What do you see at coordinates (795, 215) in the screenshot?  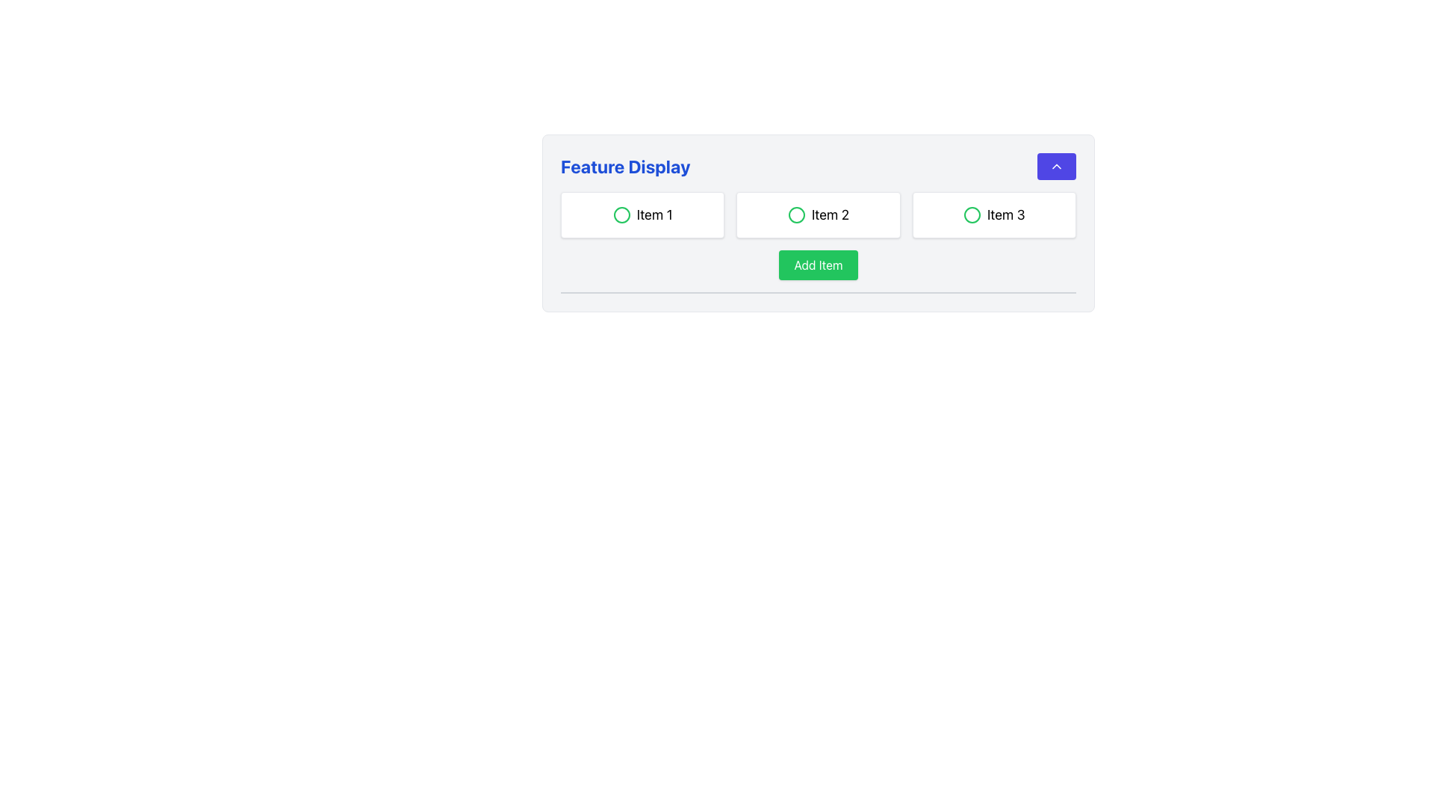 I see `the second circular radio button with a green outline` at bounding box center [795, 215].